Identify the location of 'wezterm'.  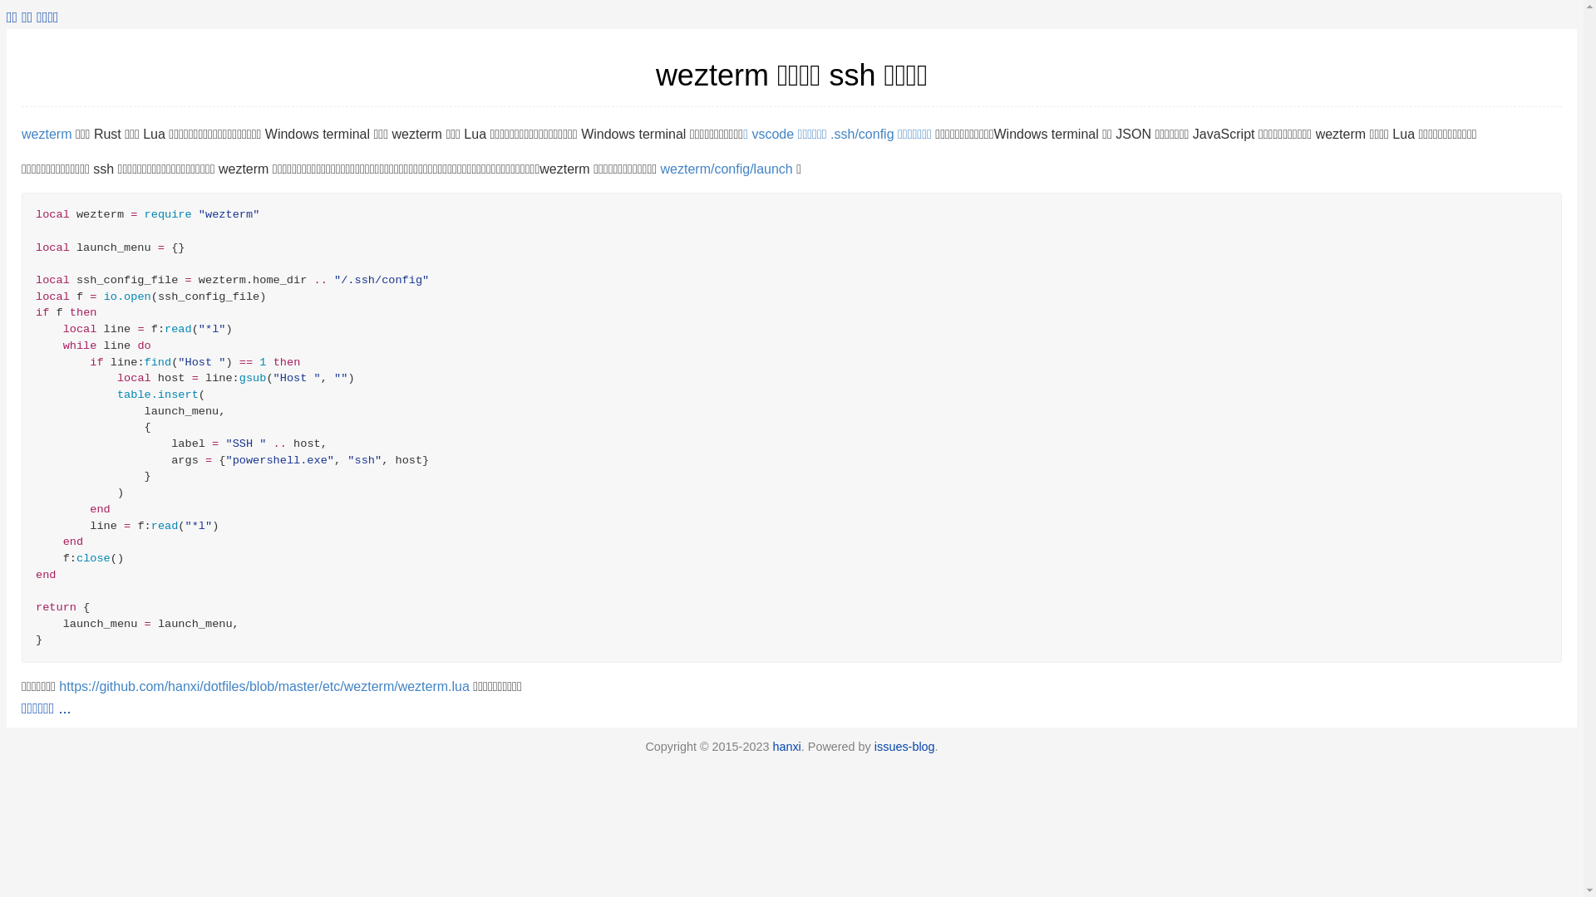
(21, 133).